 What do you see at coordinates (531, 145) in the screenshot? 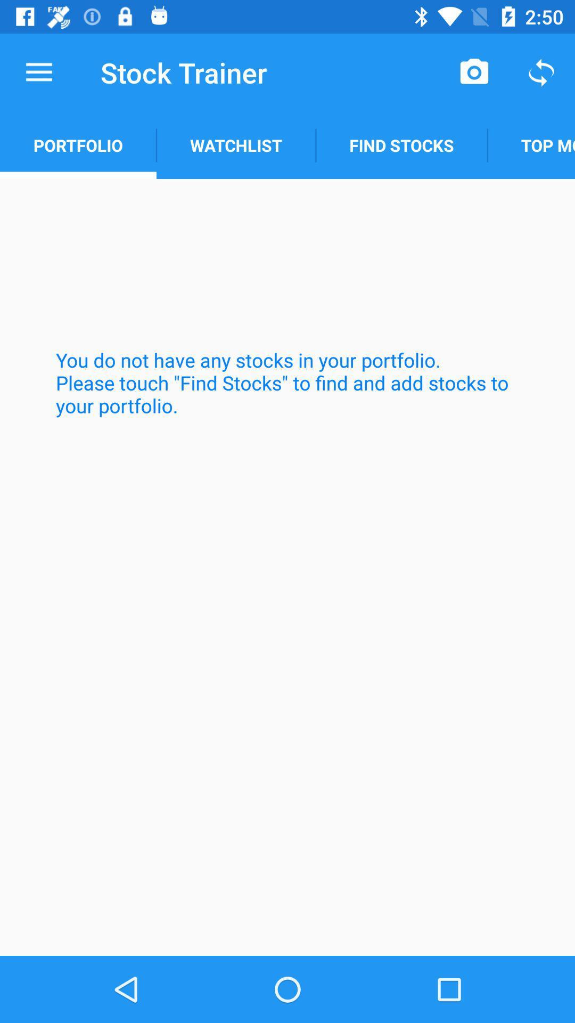
I see `the icon above the you do not` at bounding box center [531, 145].